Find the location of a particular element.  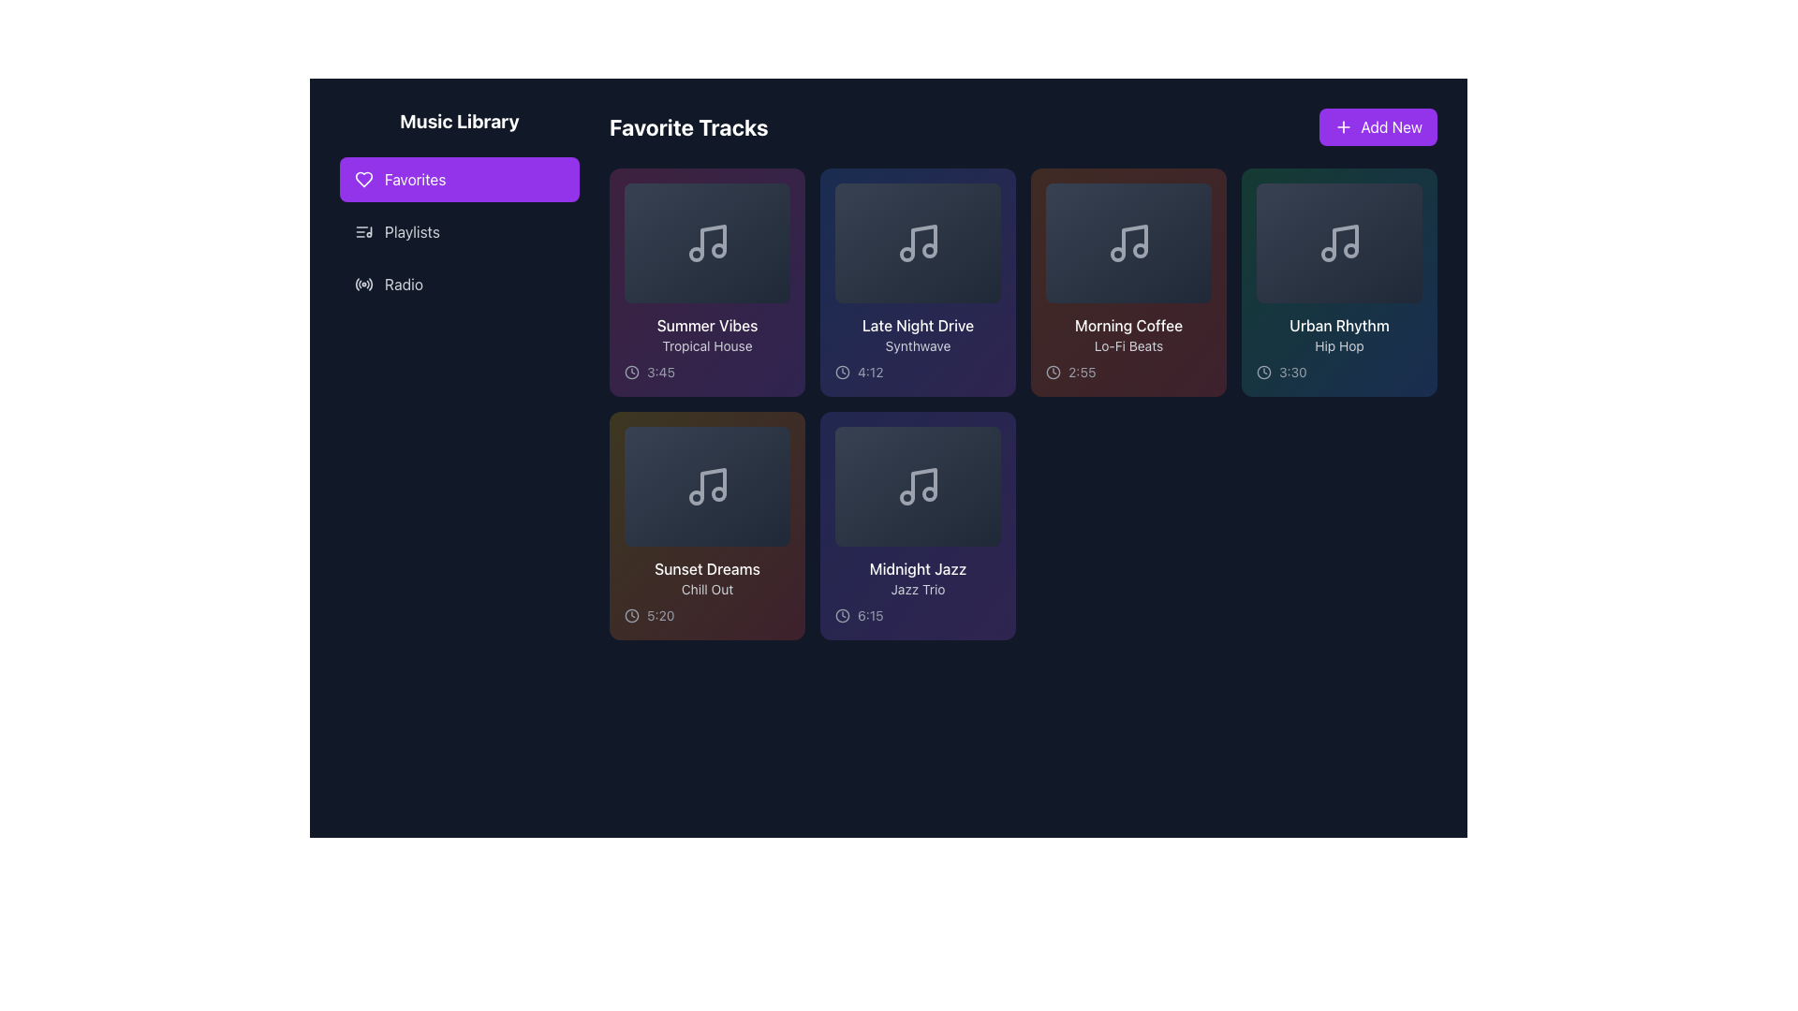

the play button located in the top-right corner of the 'Sunset Dreams' card is located at coordinates (778, 437).